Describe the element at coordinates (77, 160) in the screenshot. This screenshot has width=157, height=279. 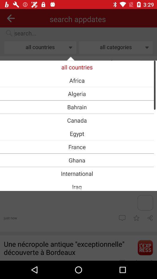
I see `ghana item` at that location.